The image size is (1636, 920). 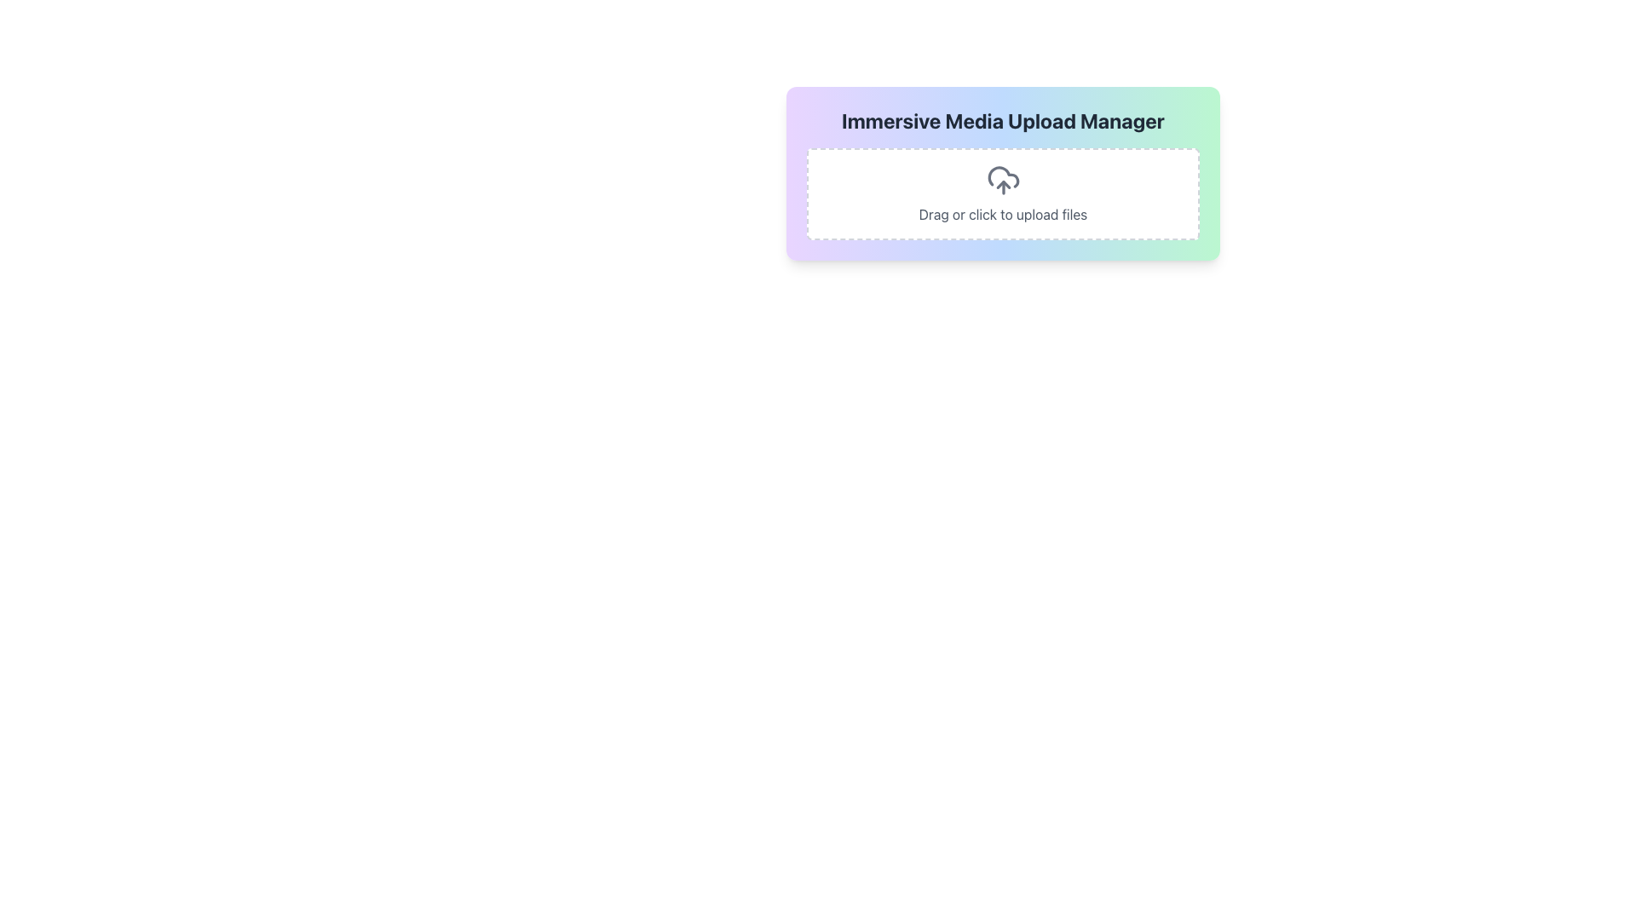 I want to click on the File Upload Panel with a gradient background transitioning from purple to green and a white dashed border, so click(x=1003, y=174).